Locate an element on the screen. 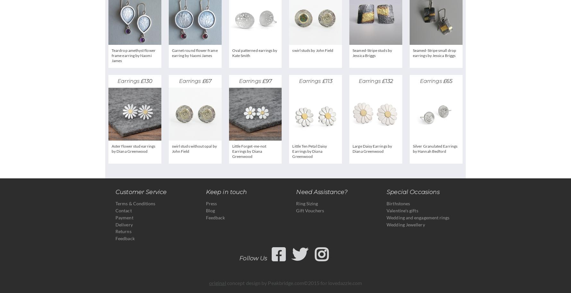  'Follow Us' is located at coordinates (253, 258).